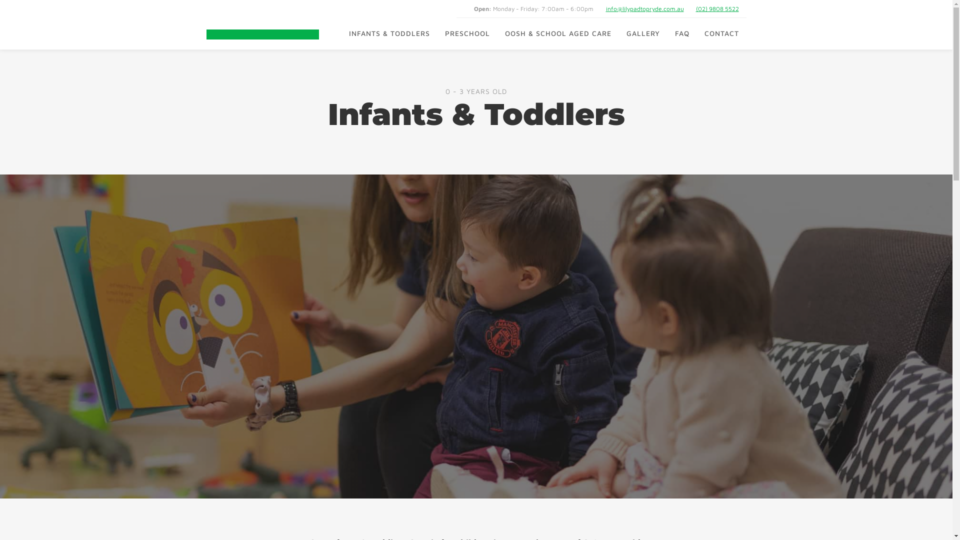  What do you see at coordinates (436, 32) in the screenshot?
I see `'PRESCHOOL'` at bounding box center [436, 32].